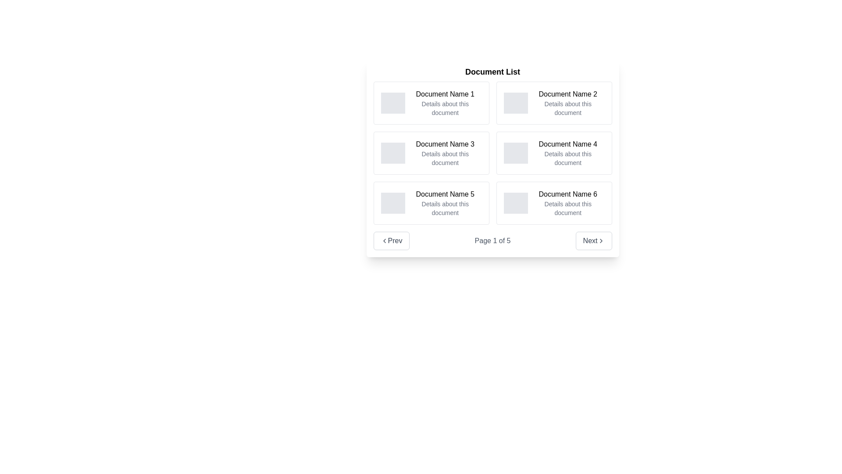  I want to click on text from the Text block located in the sixth card of the 'Document List' grid layout, positioned in the bottom-right corner, so click(568, 203).